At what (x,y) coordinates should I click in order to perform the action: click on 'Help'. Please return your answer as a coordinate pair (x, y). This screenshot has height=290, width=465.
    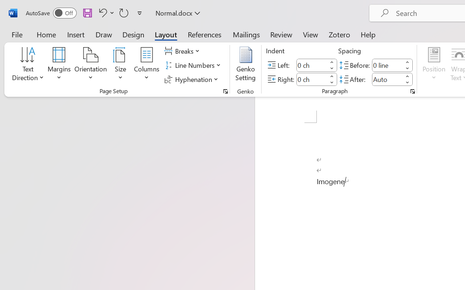
    Looking at the image, I should click on (368, 34).